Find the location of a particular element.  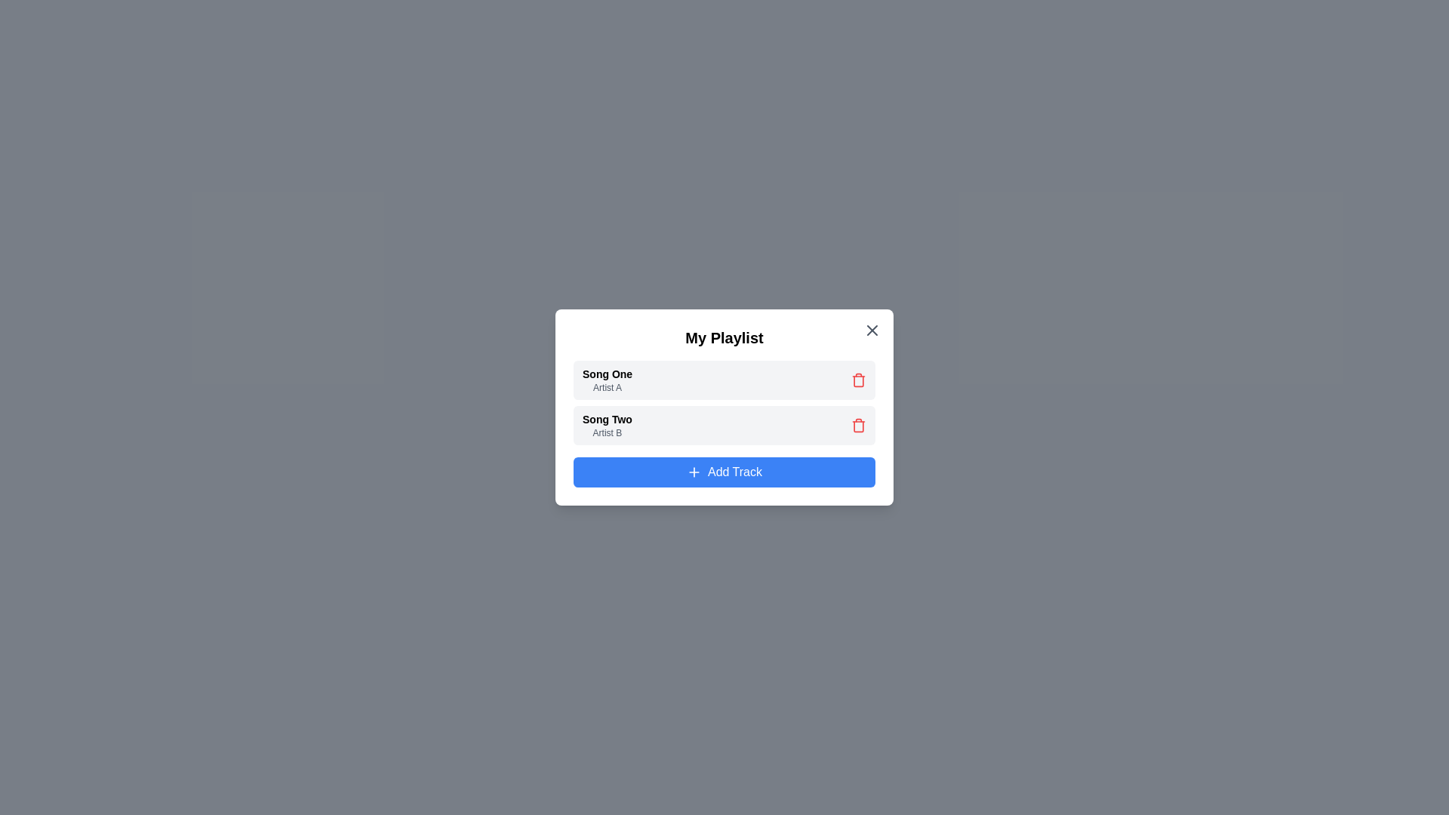

the delete button for the playlist item next to 'Song Two' is located at coordinates (858, 425).